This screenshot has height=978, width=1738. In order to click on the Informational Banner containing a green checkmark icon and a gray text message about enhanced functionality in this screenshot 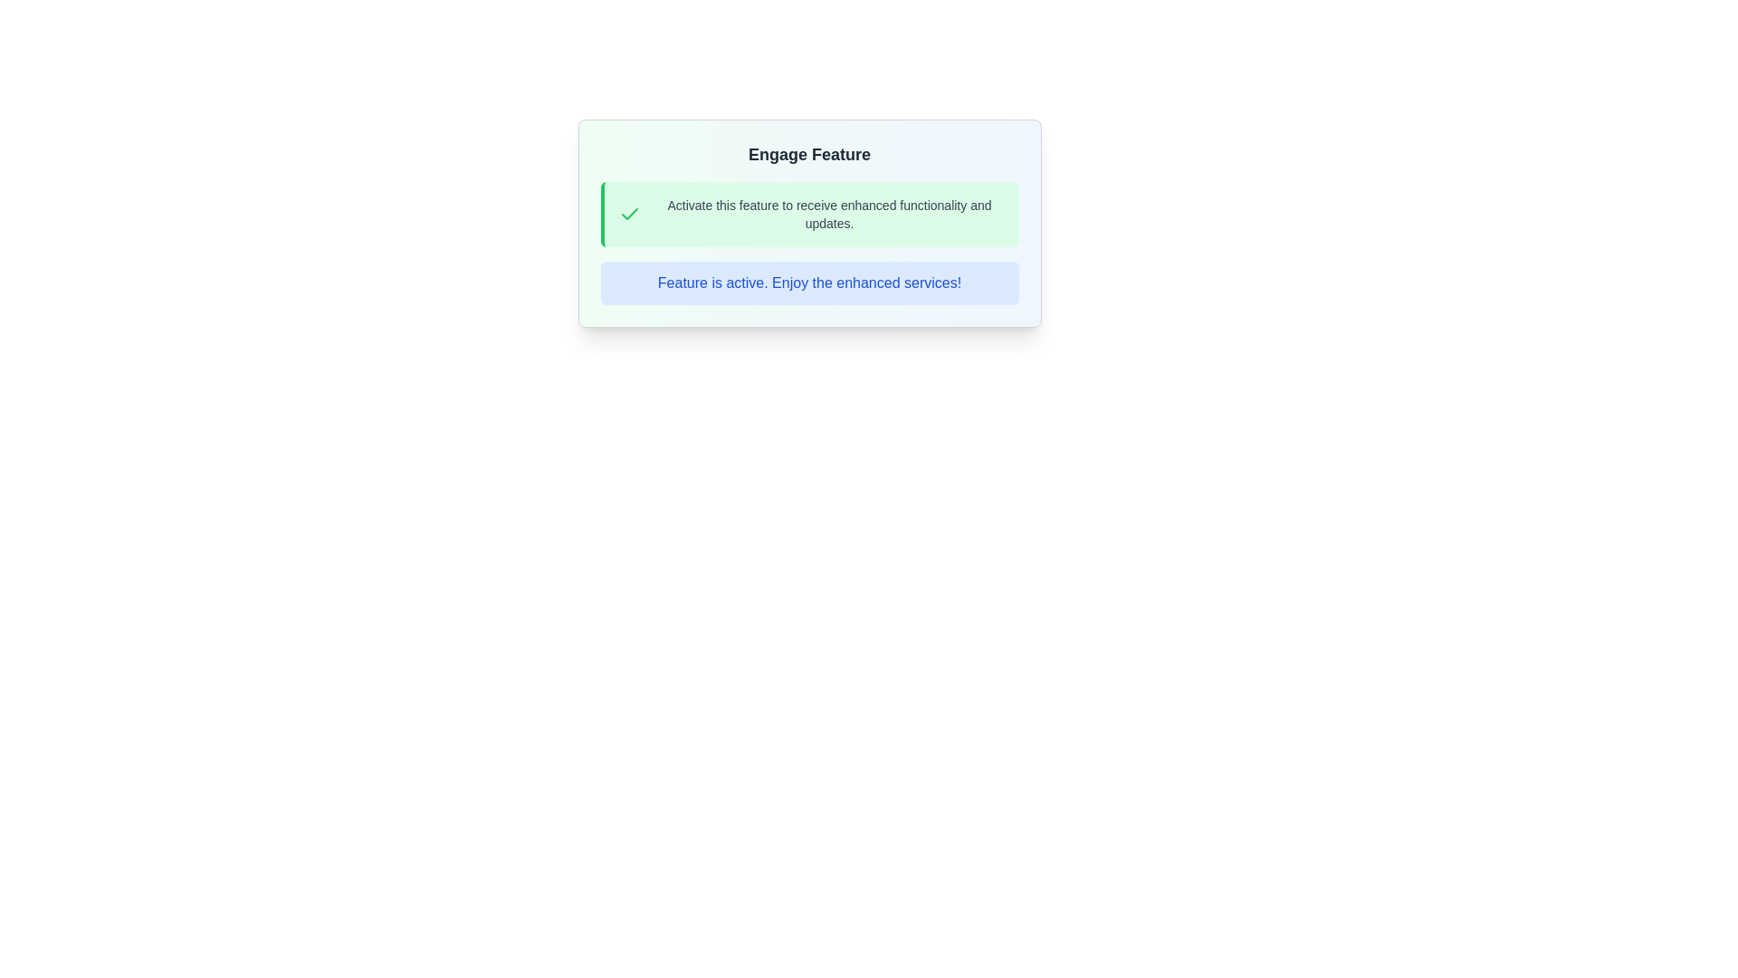, I will do `click(808, 213)`.